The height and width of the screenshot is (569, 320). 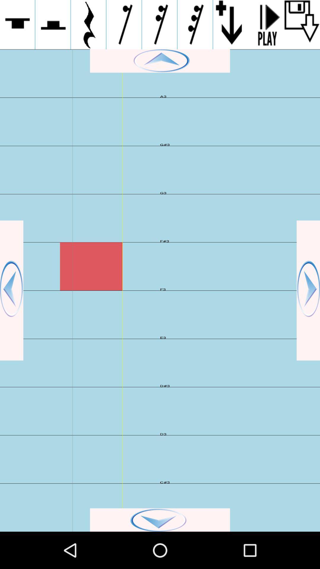 I want to click on move down, so click(x=160, y=520).